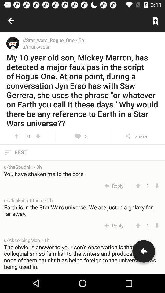 This screenshot has height=293, width=165. Describe the element at coordinates (144, 252) in the screenshot. I see `share` at that location.